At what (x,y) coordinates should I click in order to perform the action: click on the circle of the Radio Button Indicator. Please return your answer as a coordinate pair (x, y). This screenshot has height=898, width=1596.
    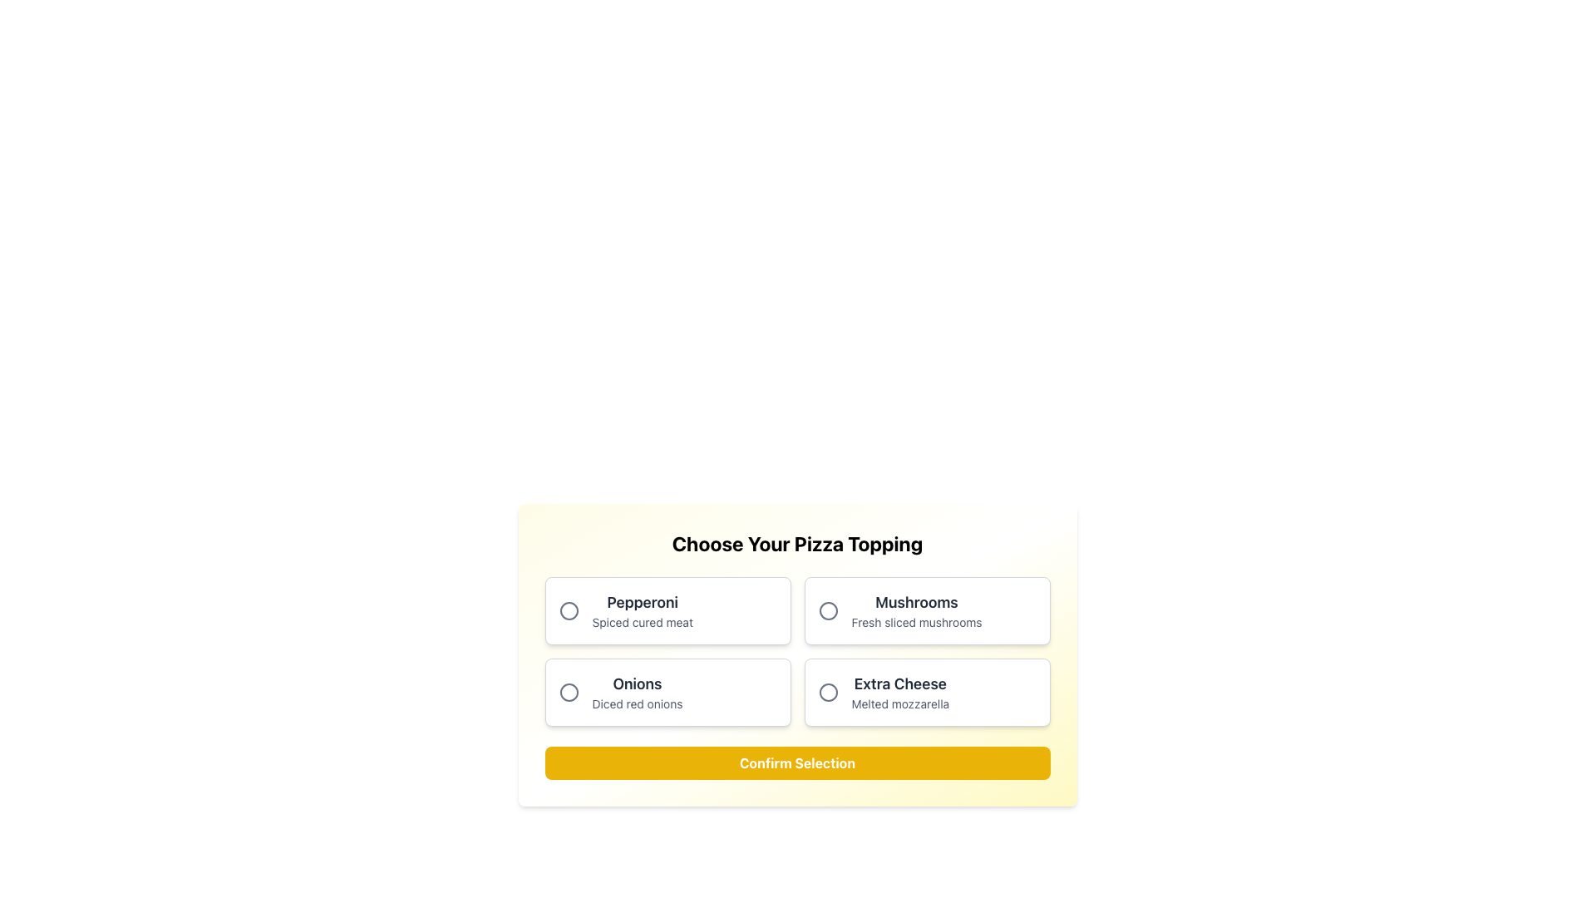
    Looking at the image, I should click on (569, 611).